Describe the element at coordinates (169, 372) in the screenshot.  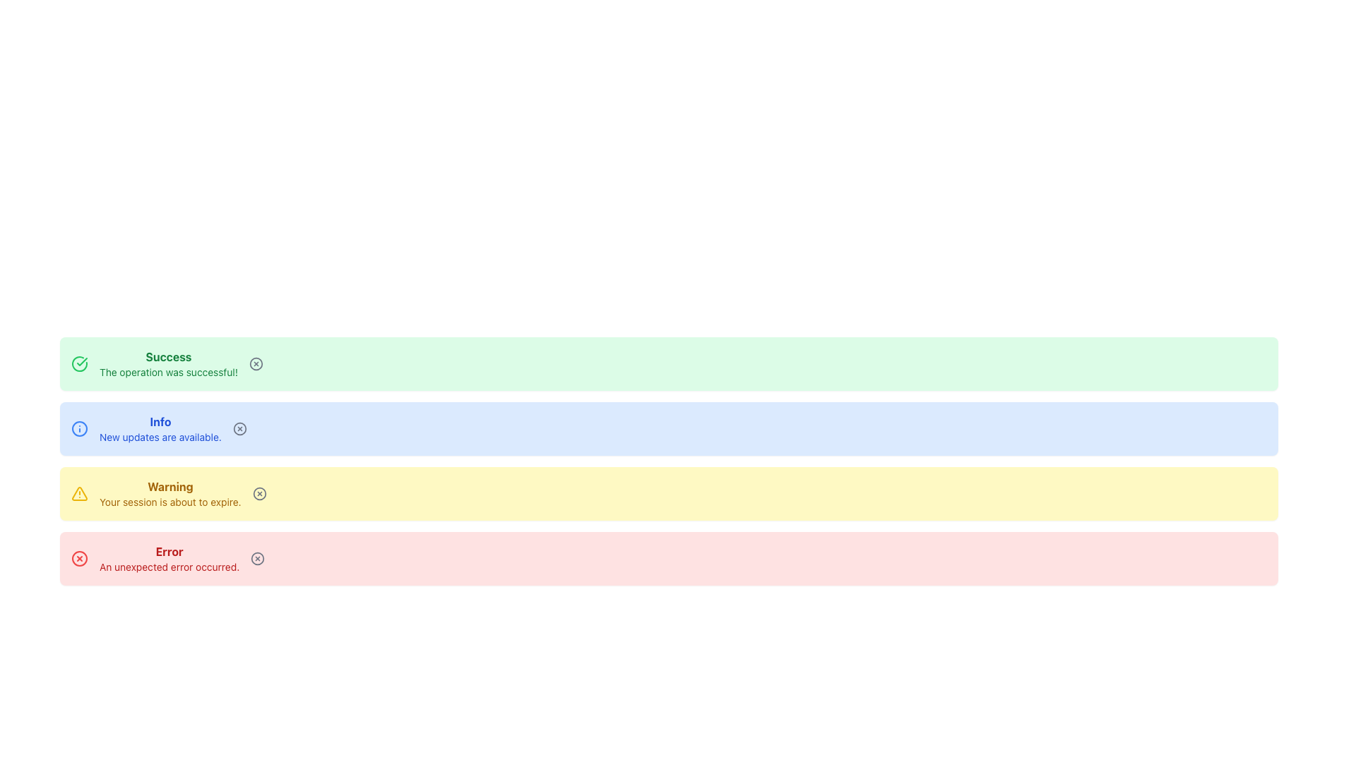
I see `the text label reading 'The operation was successful!' which is positioned below the 'Success' heading in the green notification box` at that location.